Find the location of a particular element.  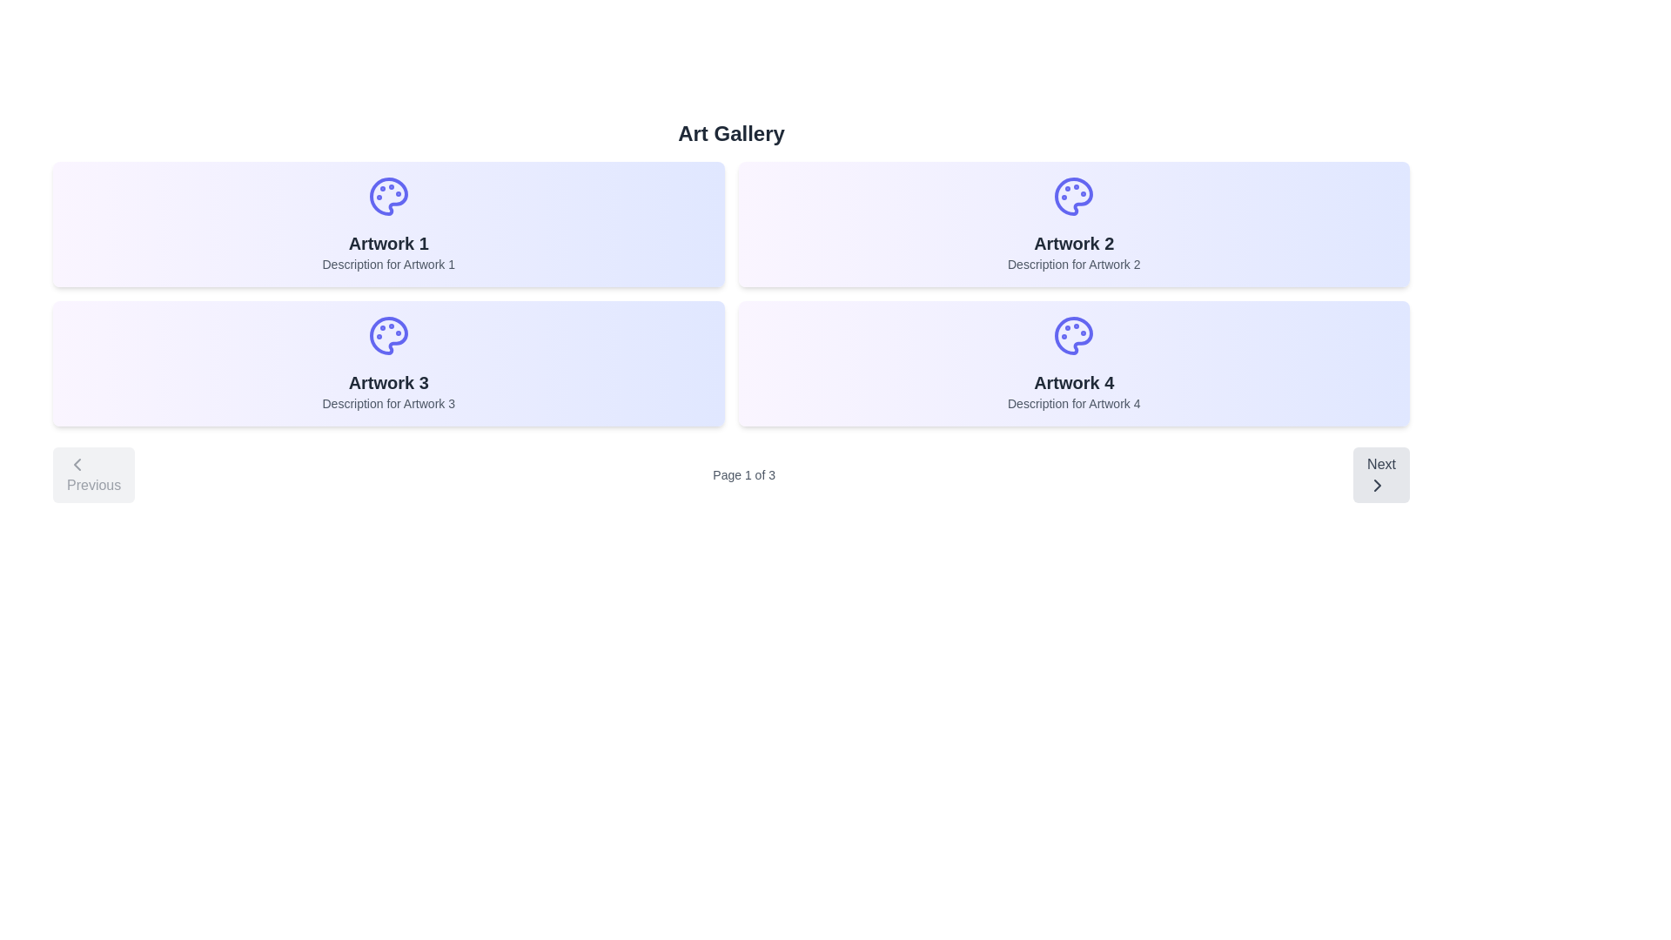

the icon representing artwork or creativity, which is located above the text title in the 'Artwork 2' card, the second card in the top row is located at coordinates (1073, 196).